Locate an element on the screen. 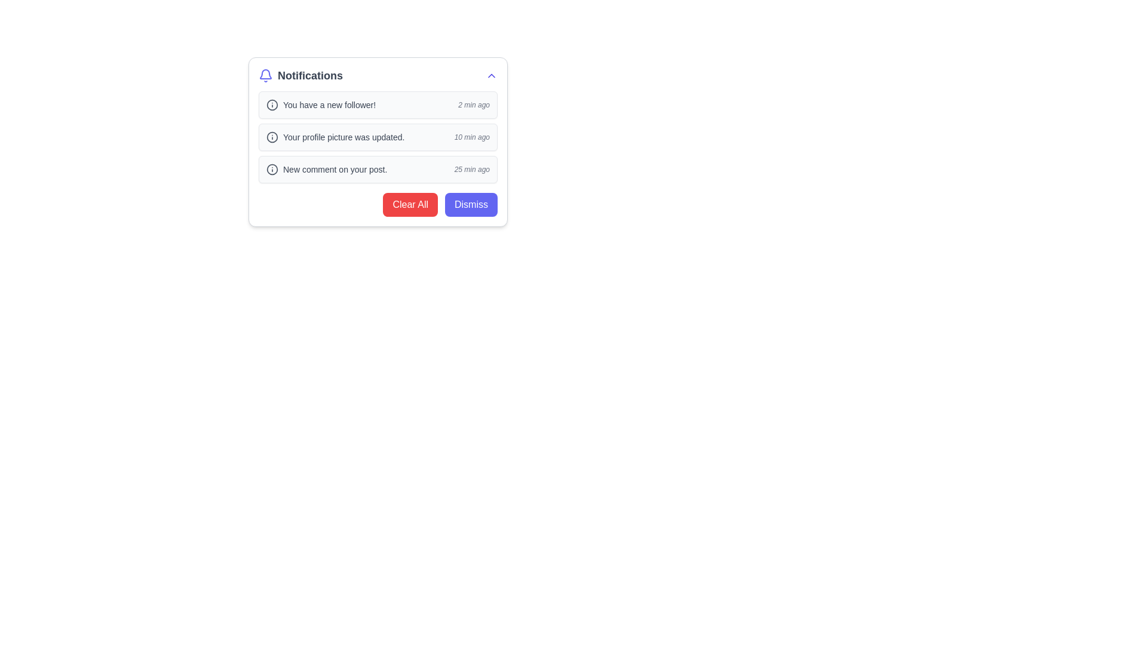 The height and width of the screenshot is (645, 1147). the informational icon indicating a new follower, located to the left of the text 'You have a new follower!' in the first notification item under the 'Notifications' header is located at coordinates (272, 105).